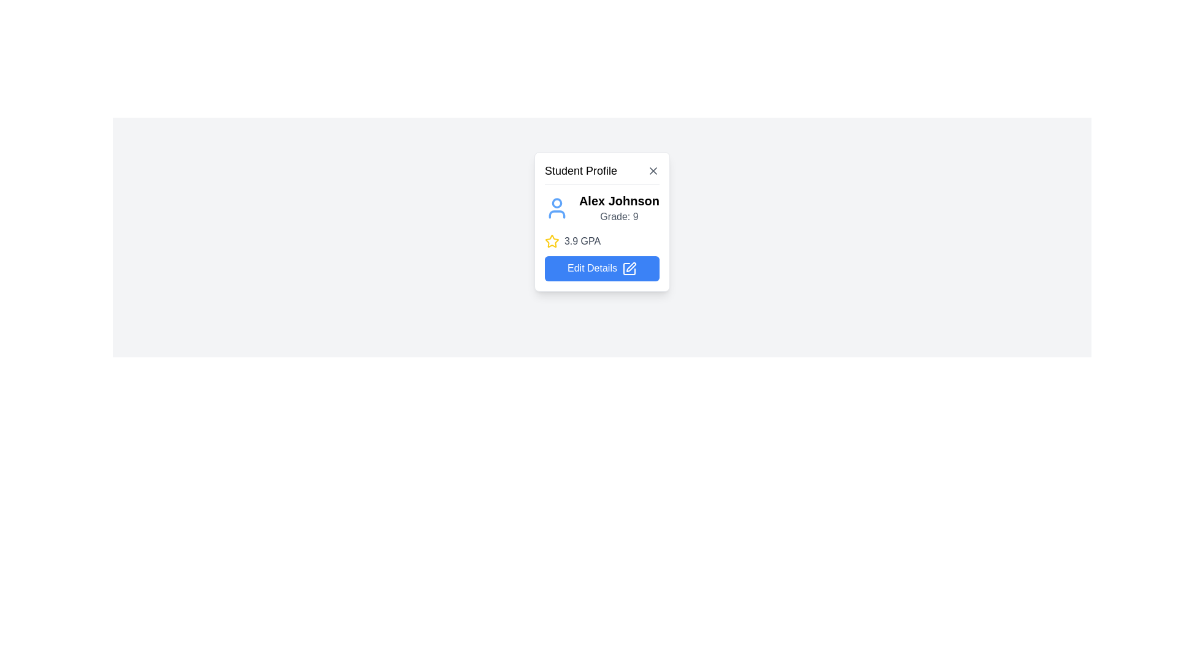 This screenshot has height=662, width=1178. Describe the element at coordinates (602, 268) in the screenshot. I see `the 'Edit Details' button with a blue background and white text, located beneath the '3.9 GPA' text in the 'Student Profile' card` at that location.